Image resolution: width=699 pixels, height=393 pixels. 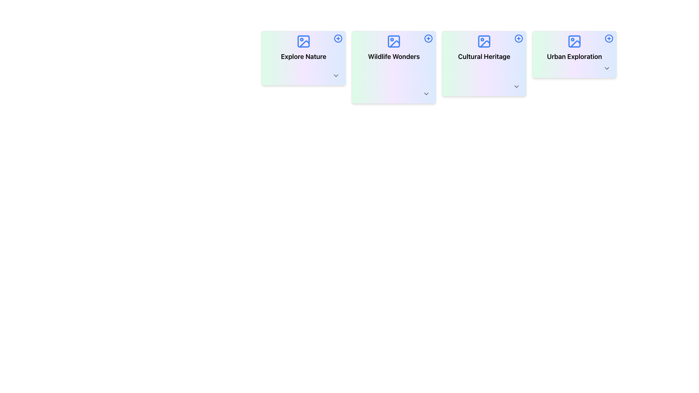 What do you see at coordinates (304, 41) in the screenshot?
I see `the blue SVG-based icon representing an image or scene, located inside the 'Explore Nature' card at the top center section` at bounding box center [304, 41].